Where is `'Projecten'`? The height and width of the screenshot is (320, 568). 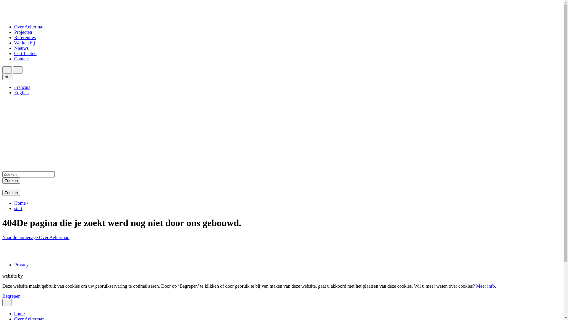 'Projecten' is located at coordinates (23, 32).